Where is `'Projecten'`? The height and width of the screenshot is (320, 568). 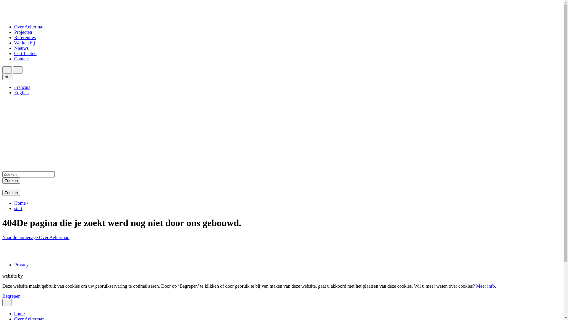 'Projecten' is located at coordinates (23, 32).